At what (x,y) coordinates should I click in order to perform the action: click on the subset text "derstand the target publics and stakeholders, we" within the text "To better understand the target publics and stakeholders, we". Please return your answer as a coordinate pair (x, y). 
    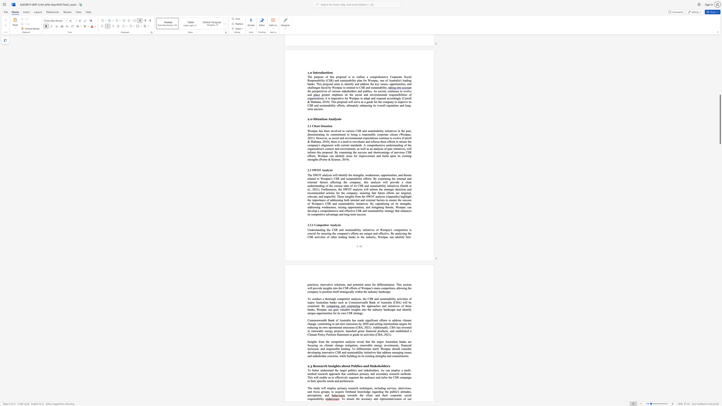
    Looking at the image, I should click on (323, 370).